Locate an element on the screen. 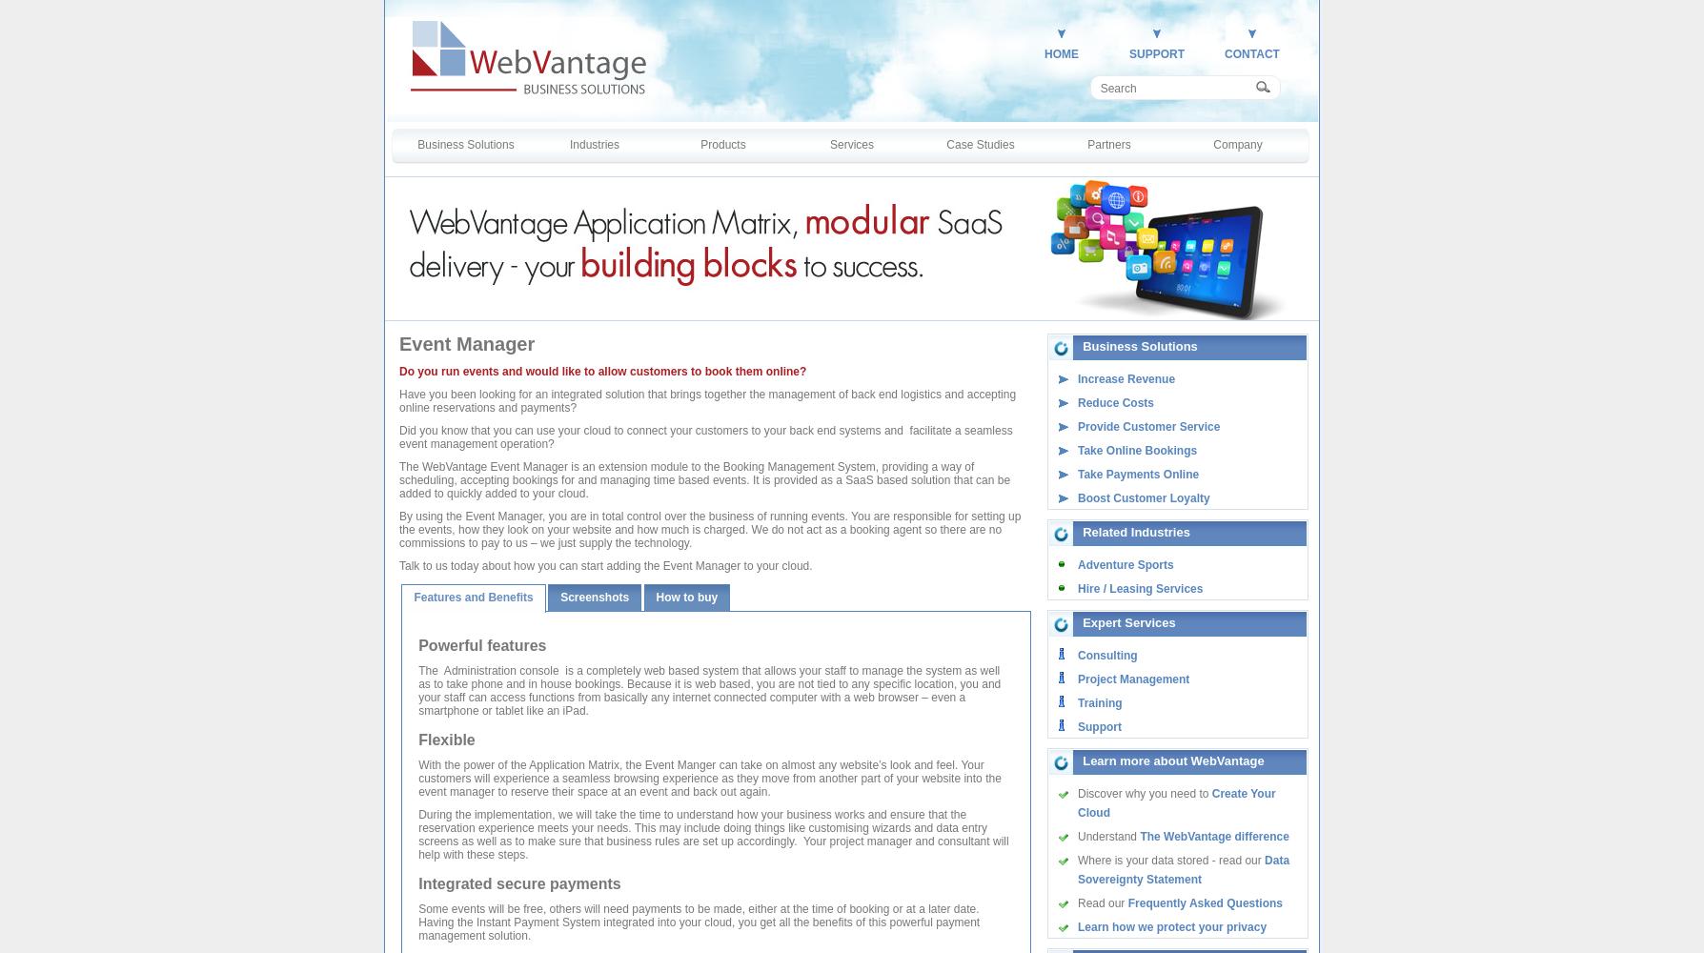 This screenshot has height=953, width=1704. 'Read our' is located at coordinates (1102, 902).